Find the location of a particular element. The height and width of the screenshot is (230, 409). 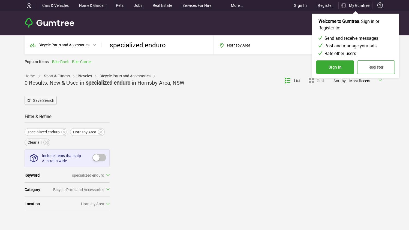

'Home' is located at coordinates (29, 75).